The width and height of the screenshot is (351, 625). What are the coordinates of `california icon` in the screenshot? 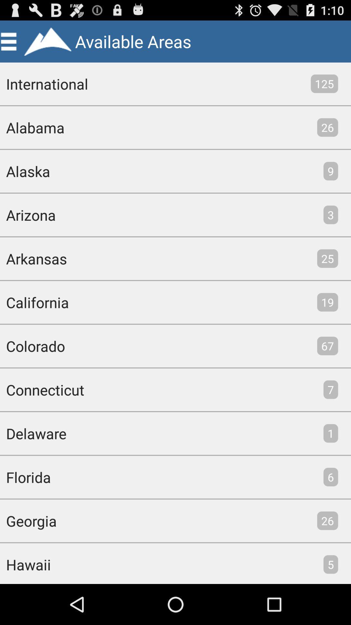 It's located at (34, 302).